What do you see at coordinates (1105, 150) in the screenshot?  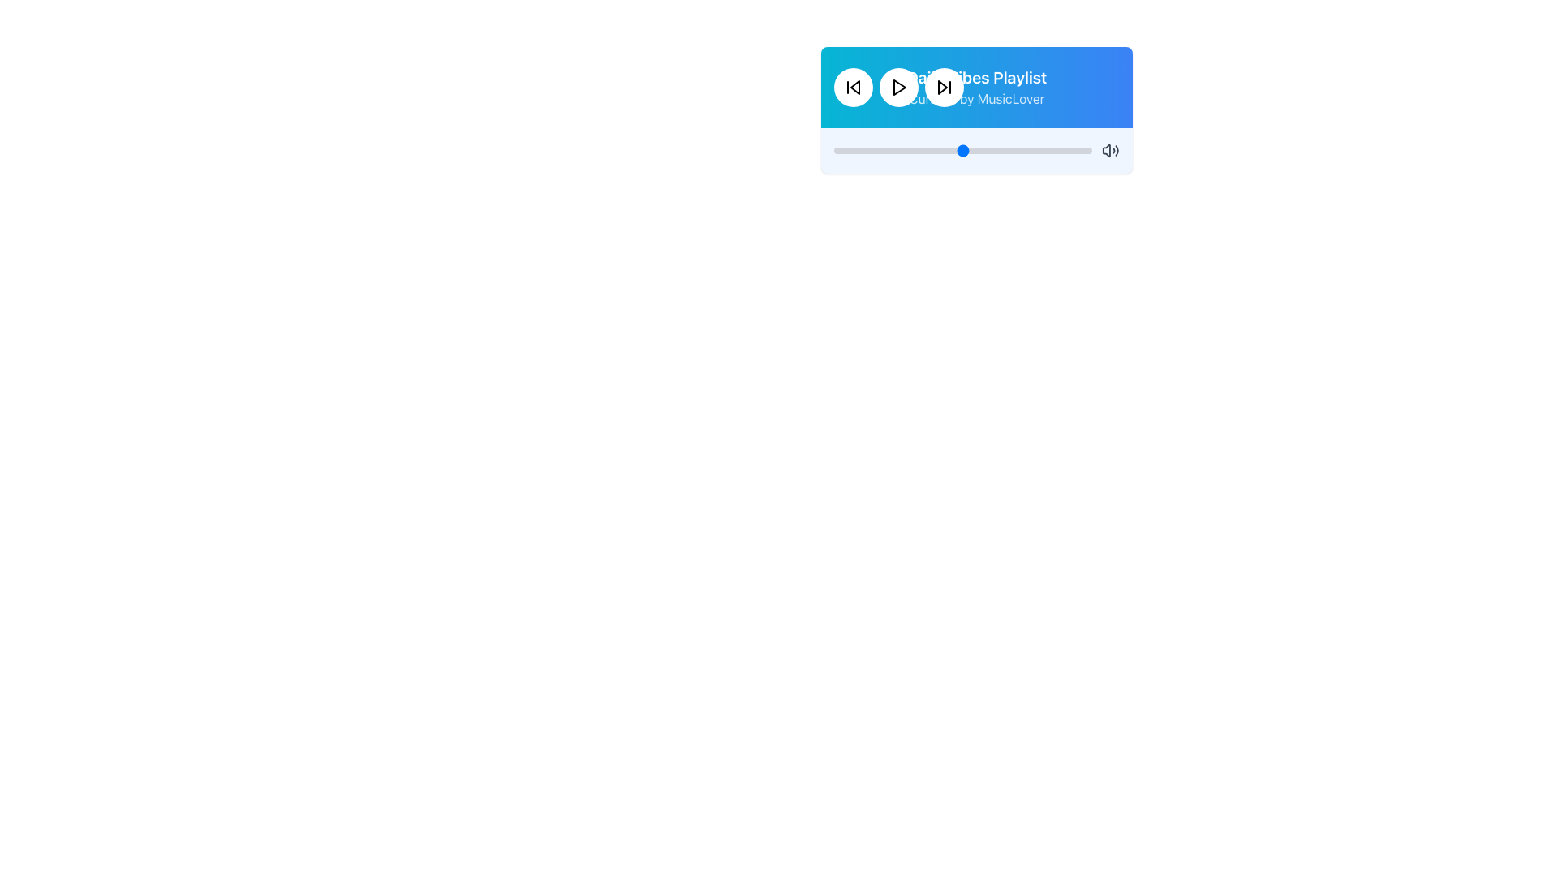 I see `the speaker icon located in the bottom right section of the audio control bar to interact with the volume control` at bounding box center [1105, 150].